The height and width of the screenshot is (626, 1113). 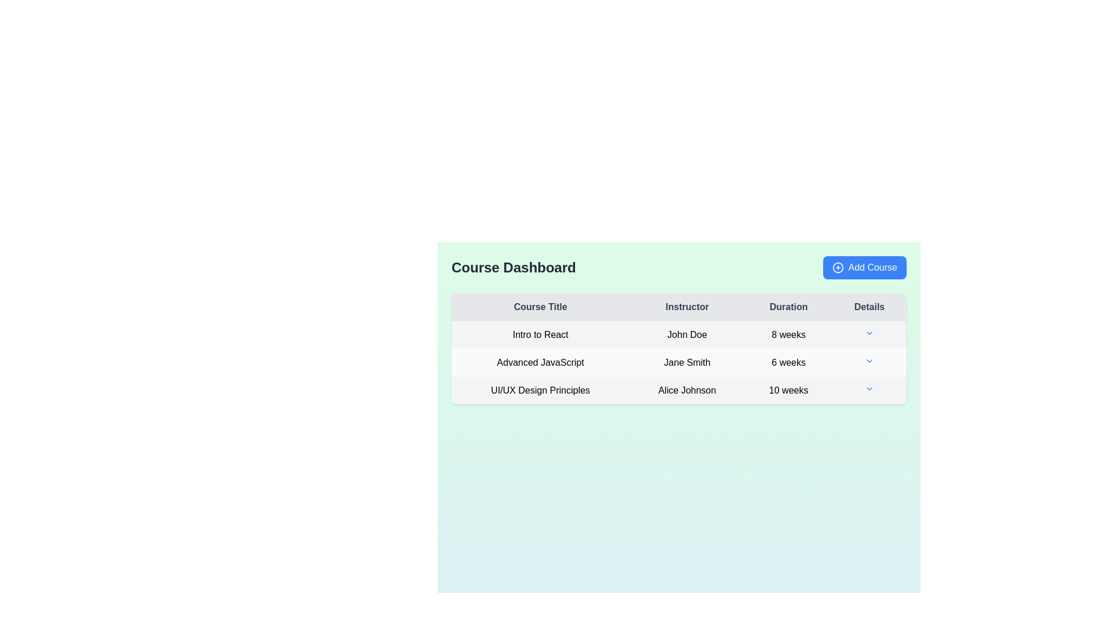 I want to click on the text label 'UI/UX Design Principles' in the first column of the third row in the 'Course Dashboard' table, so click(x=540, y=391).